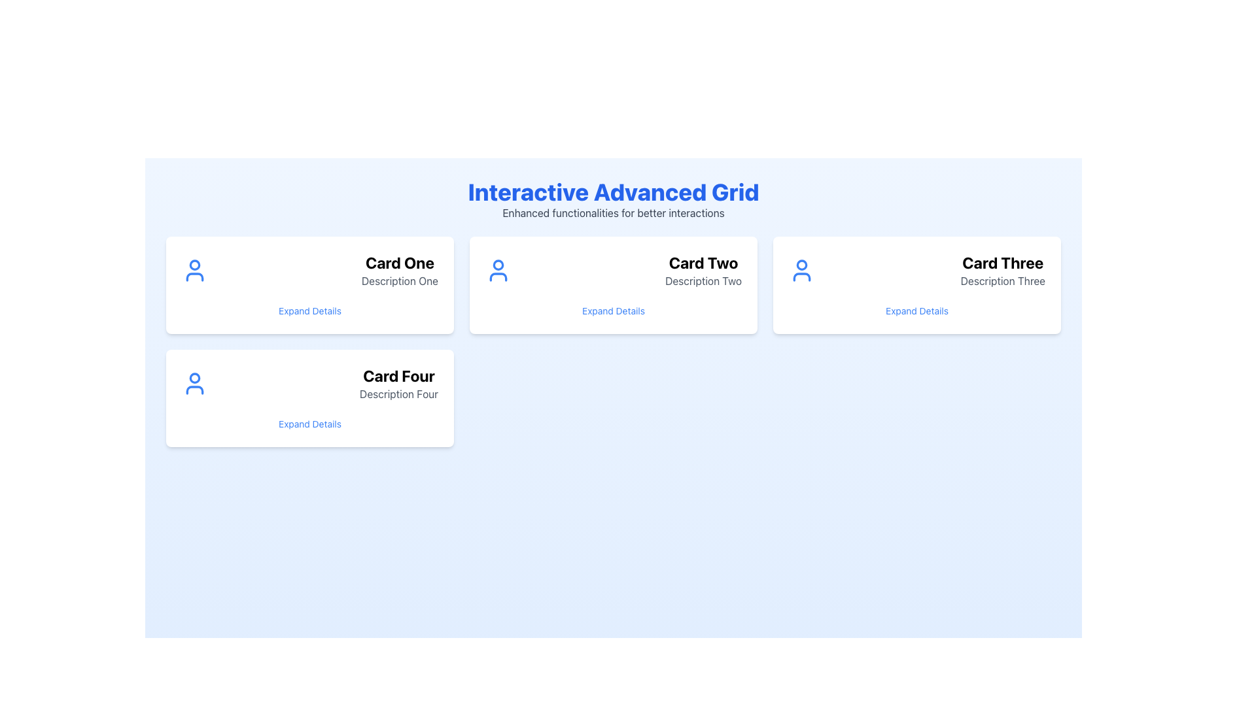 The height and width of the screenshot is (706, 1256). Describe the element at coordinates (801, 265) in the screenshot. I see `the circular user profile icon located in the 'Card Three' section` at that location.